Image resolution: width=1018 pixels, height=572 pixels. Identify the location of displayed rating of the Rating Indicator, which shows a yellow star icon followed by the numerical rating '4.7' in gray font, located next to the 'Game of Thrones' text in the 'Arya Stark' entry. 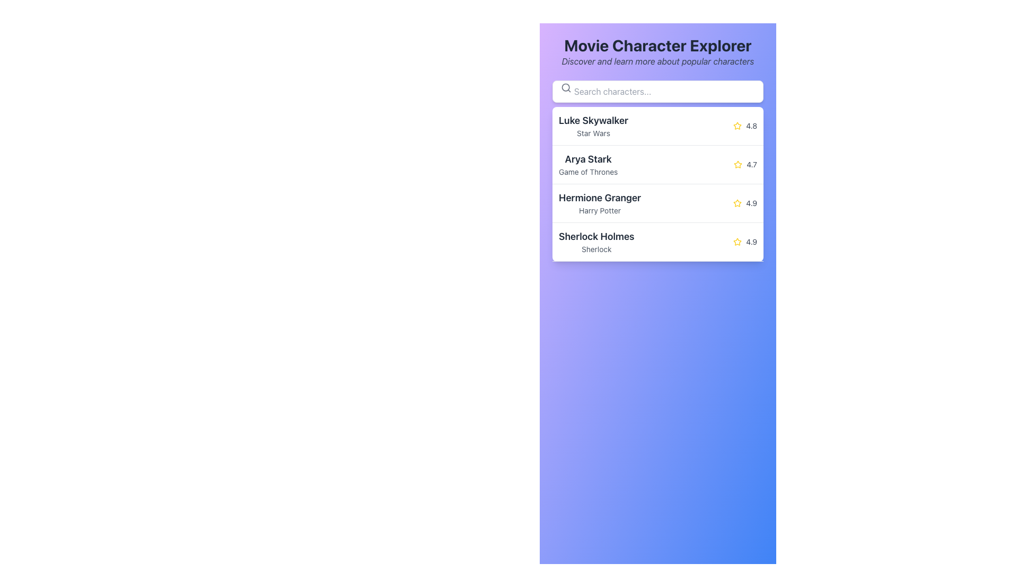
(745, 165).